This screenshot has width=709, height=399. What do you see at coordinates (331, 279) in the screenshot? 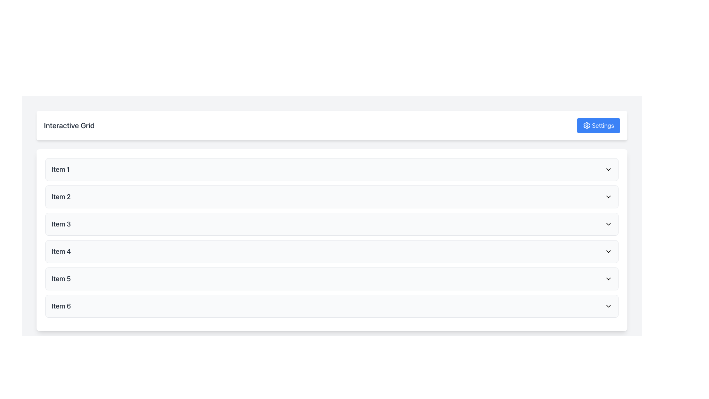
I see `the fifth item in the list` at bounding box center [331, 279].